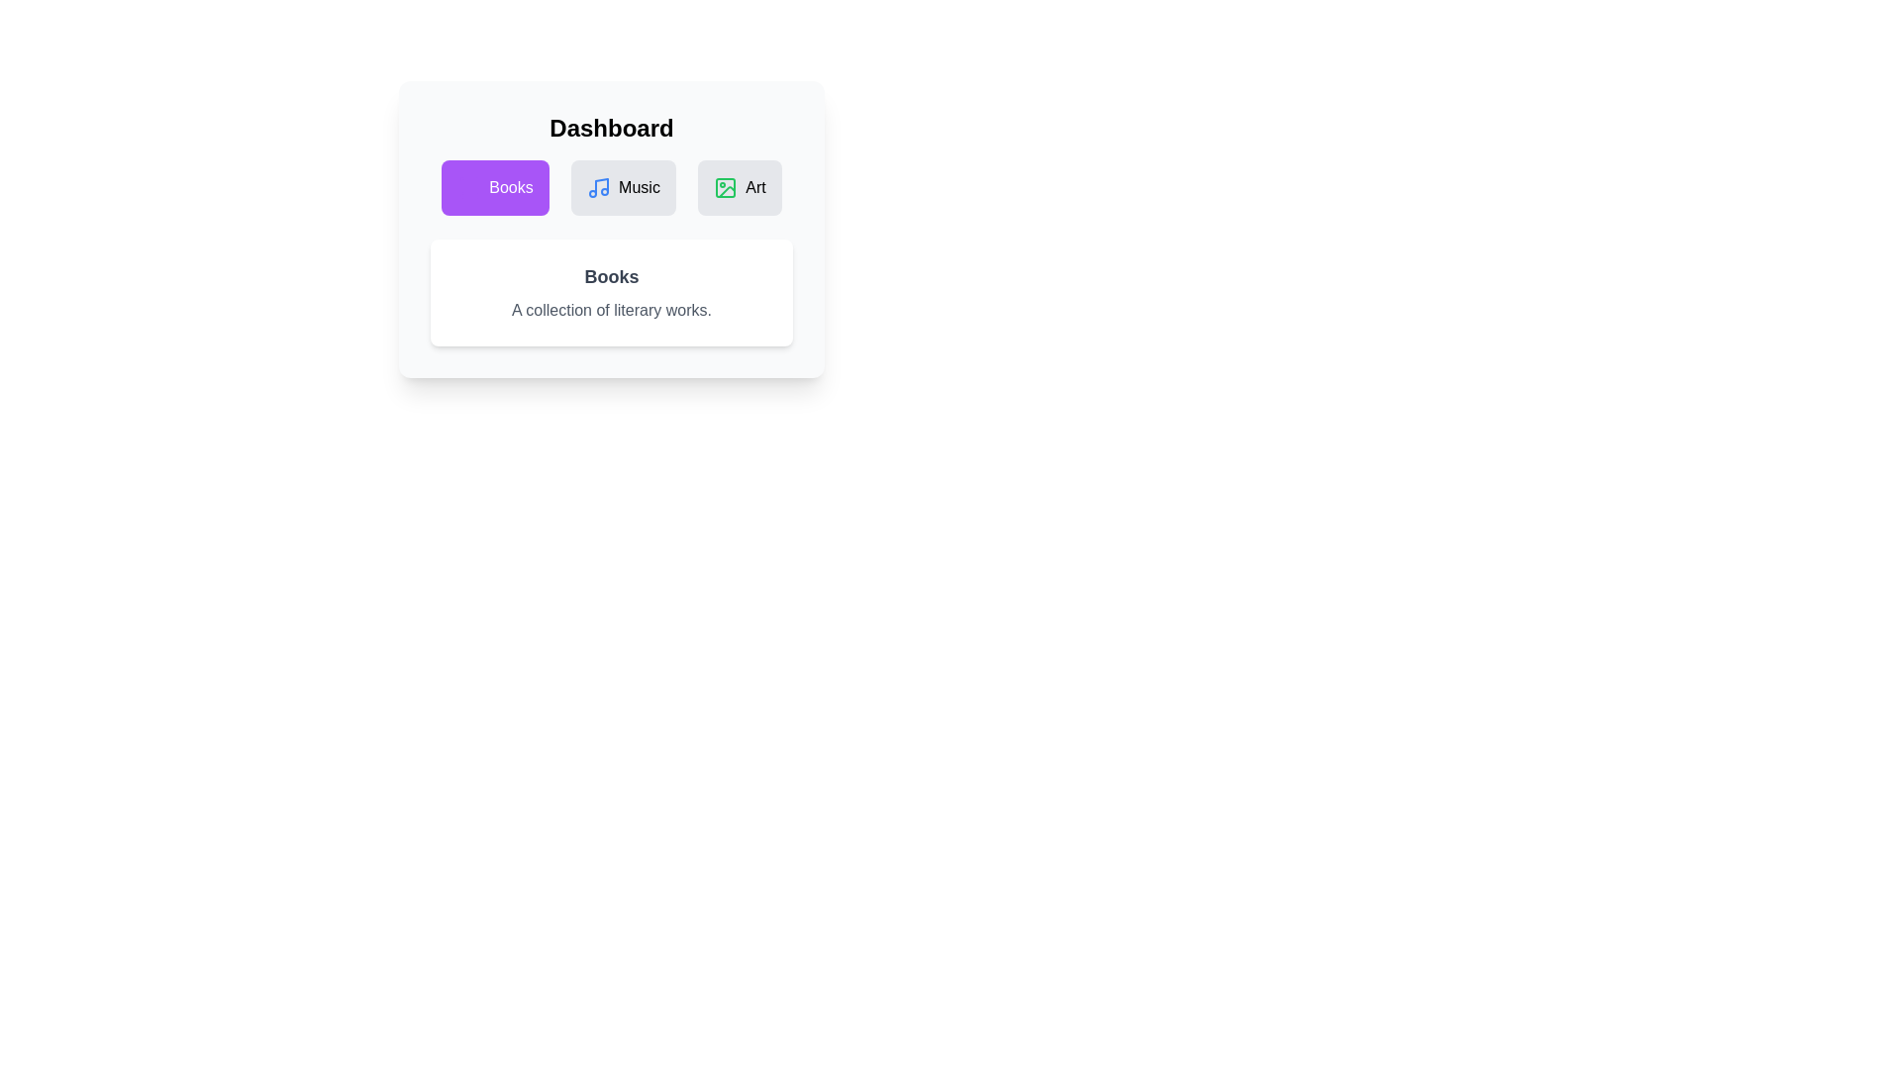 This screenshot has height=1069, width=1901. Describe the element at coordinates (495, 187) in the screenshot. I see `the tab icon corresponding to Books` at that location.